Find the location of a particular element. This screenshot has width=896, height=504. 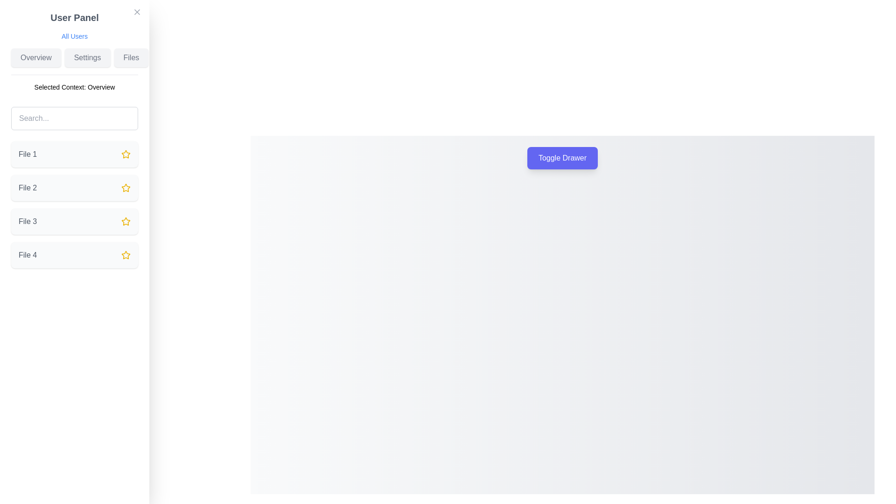

the star-shaped icon in yellow, located to the right of 'File 3' is located at coordinates (125, 221).